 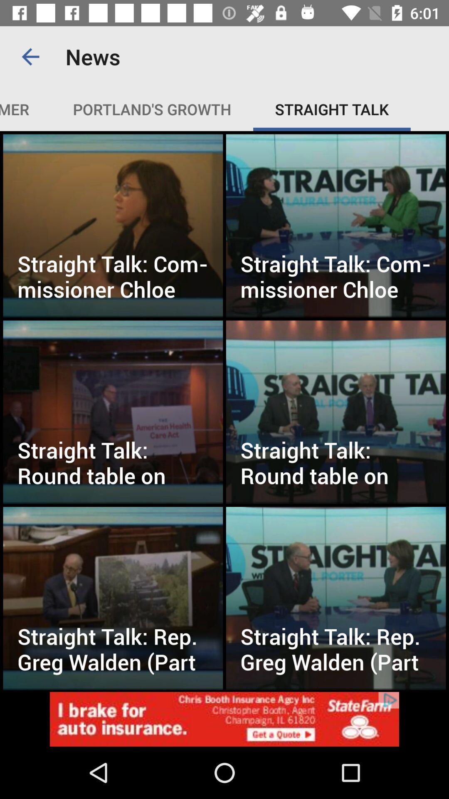 I want to click on click advertisement, so click(x=224, y=719).